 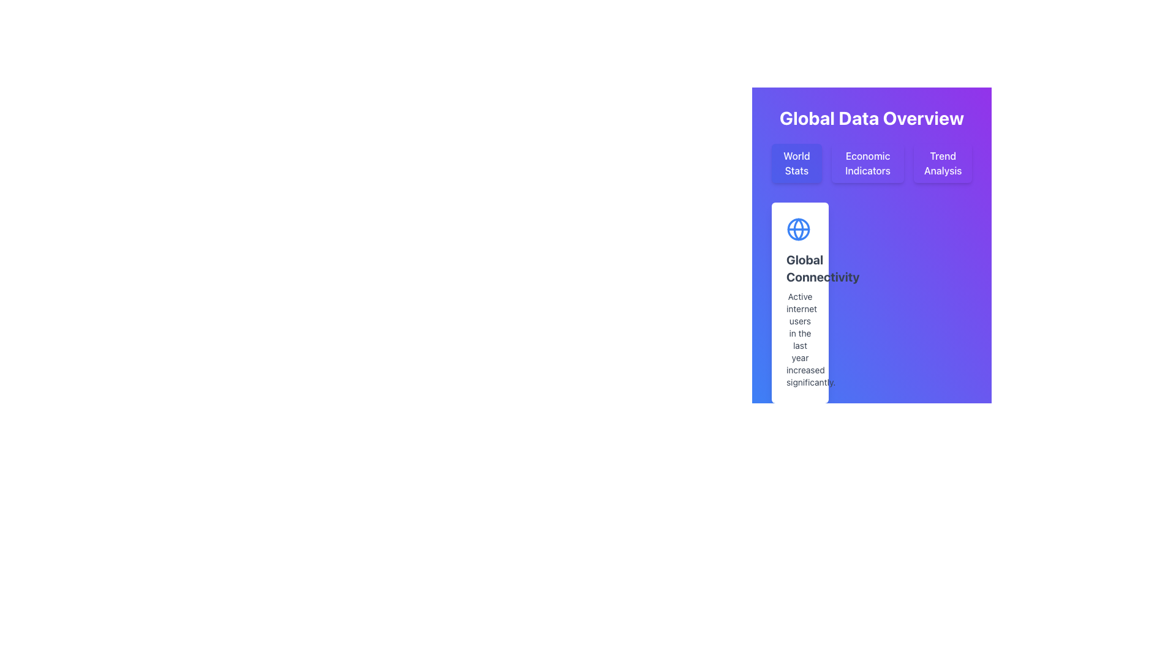 I want to click on the 'Trend Analysis' button, which is a rounded rectangular button with white text on a purple background located in the top-right portion of the interface under 'Global Data Overview', so click(x=942, y=162).